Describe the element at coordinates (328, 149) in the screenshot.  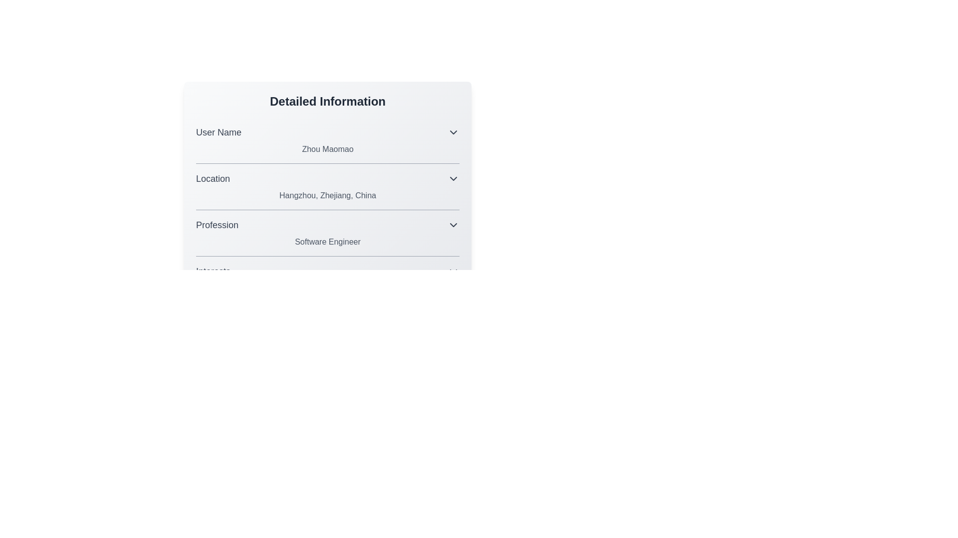
I see `the static text label displaying the user's name located directly below the 'User Name' label within the user information panel` at that location.